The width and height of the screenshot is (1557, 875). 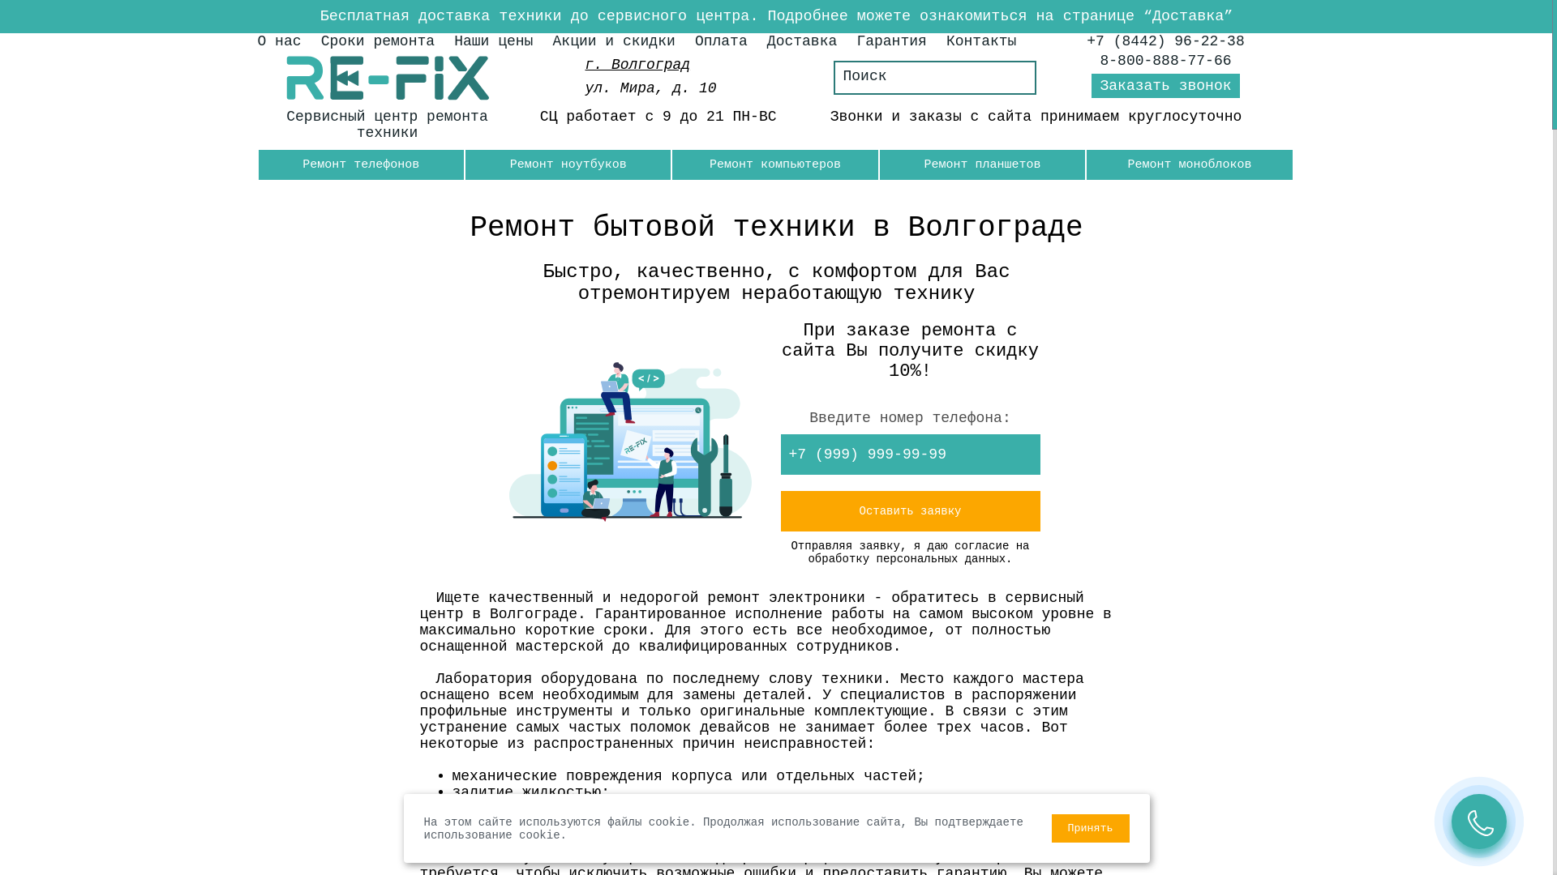 What do you see at coordinates (1165, 59) in the screenshot?
I see `'8-800-888-77-66'` at bounding box center [1165, 59].